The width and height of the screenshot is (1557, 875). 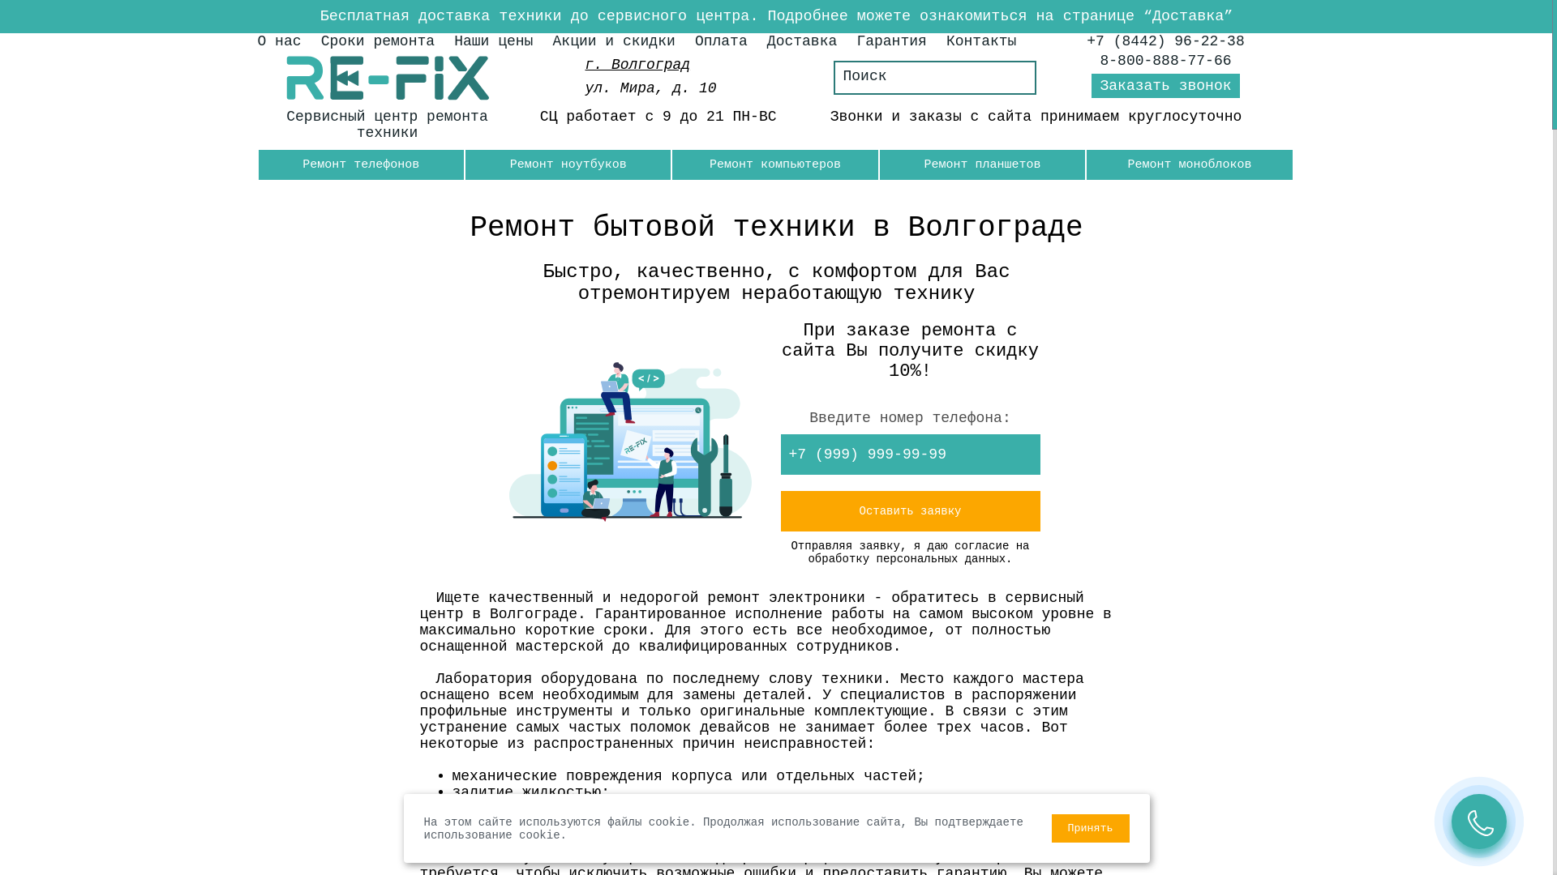 What do you see at coordinates (1165, 59) in the screenshot?
I see `'8-800-888-77-66'` at bounding box center [1165, 59].